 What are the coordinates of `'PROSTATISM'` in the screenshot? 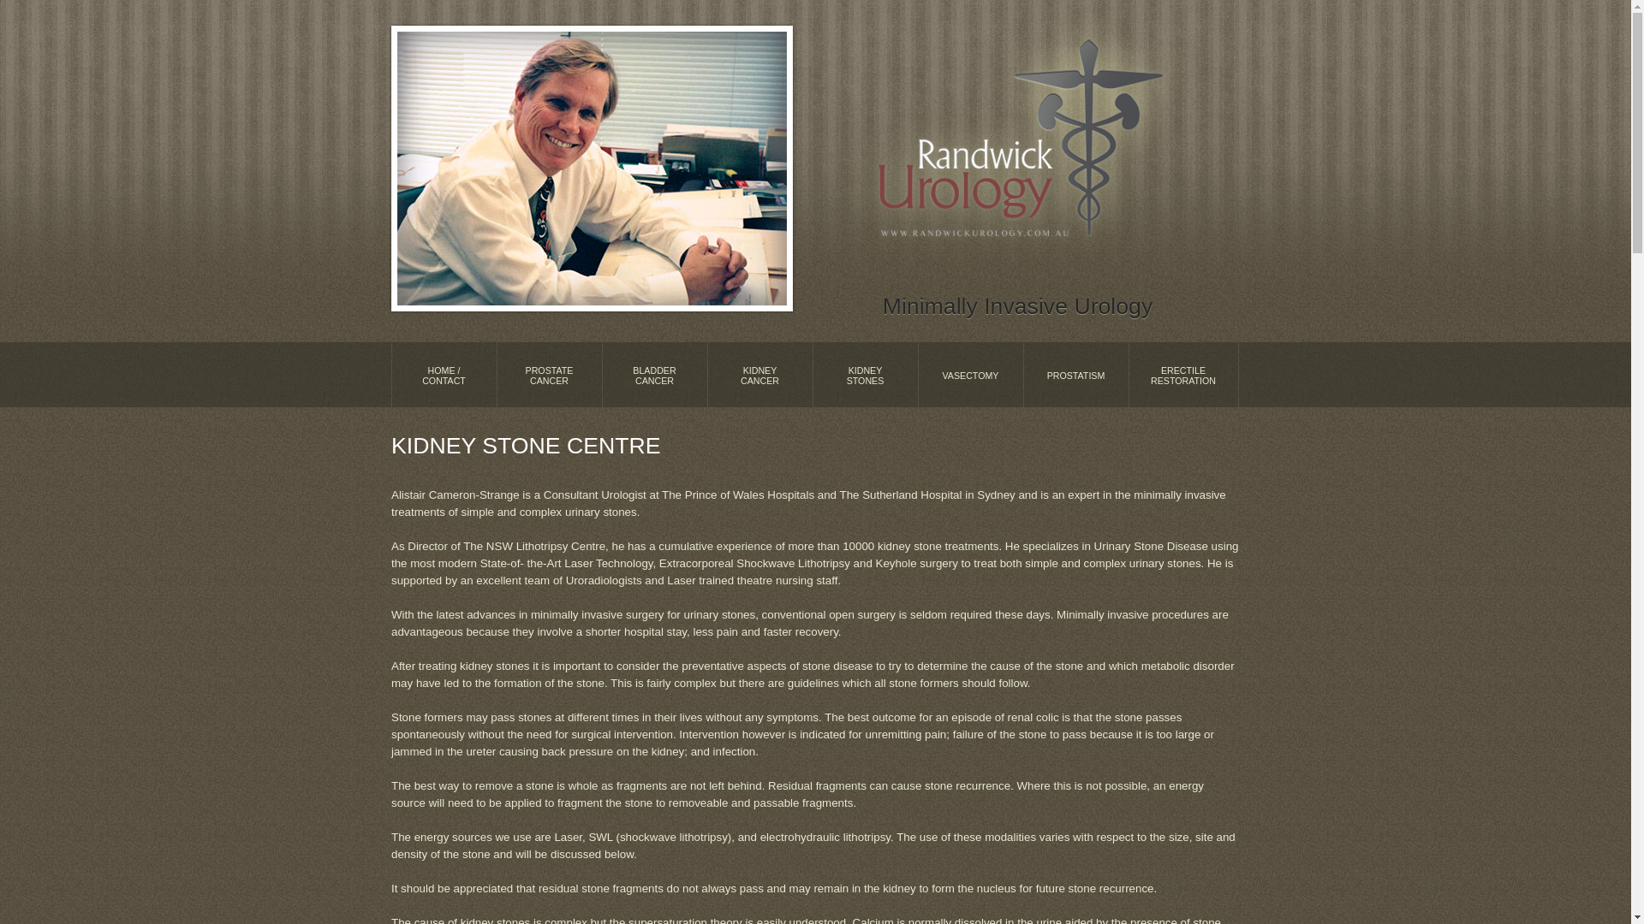 It's located at (1075, 374).